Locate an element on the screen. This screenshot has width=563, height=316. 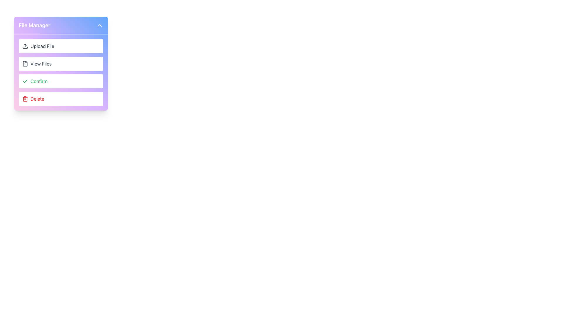
the 'Delete' button with red text and a trash icon located at the bottom of the vertical list in the 'File Manager' panel to initiate deletion is located at coordinates (61, 99).